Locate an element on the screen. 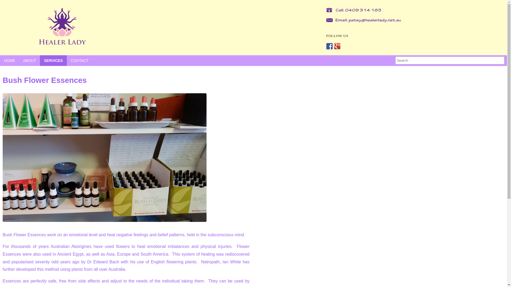 The width and height of the screenshot is (511, 287). 'CONTACT' is located at coordinates (79, 60).